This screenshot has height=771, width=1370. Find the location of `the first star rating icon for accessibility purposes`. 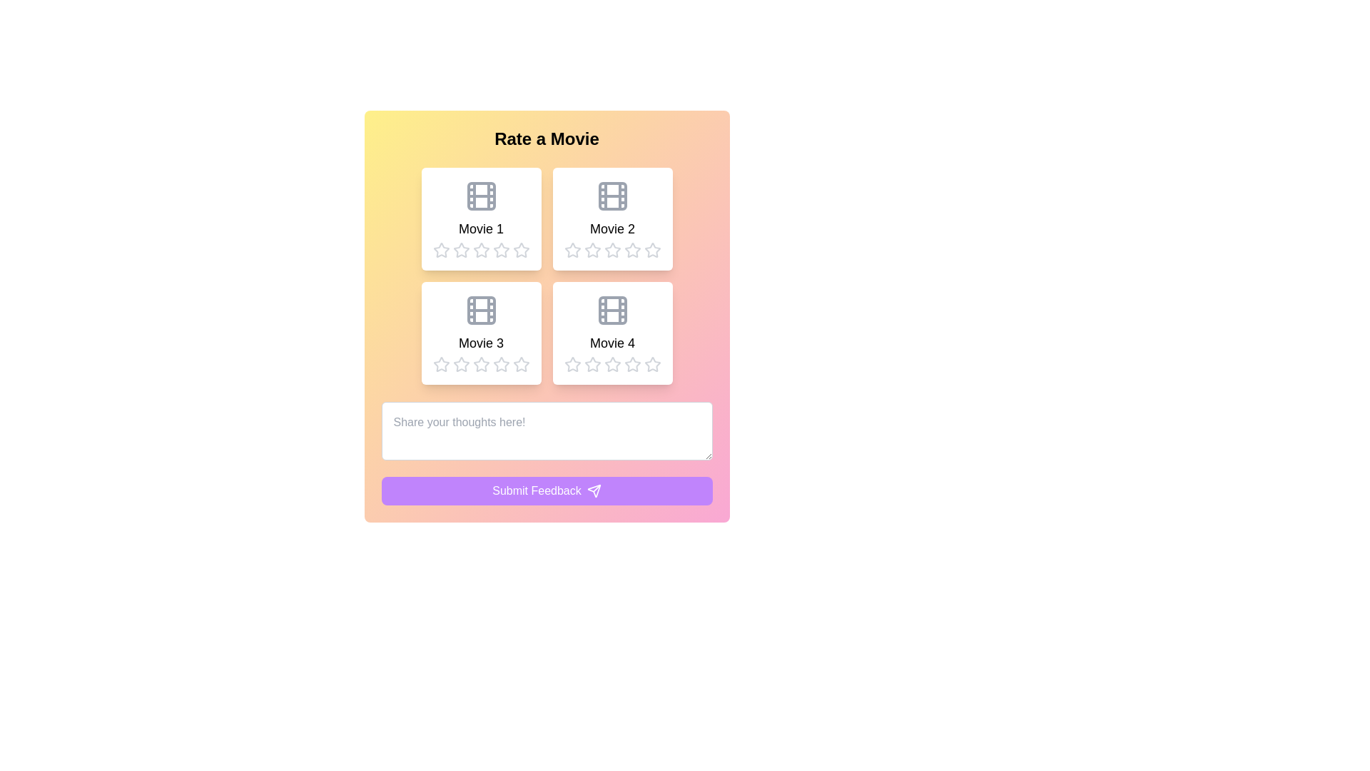

the first star rating icon for accessibility purposes is located at coordinates (440, 363).